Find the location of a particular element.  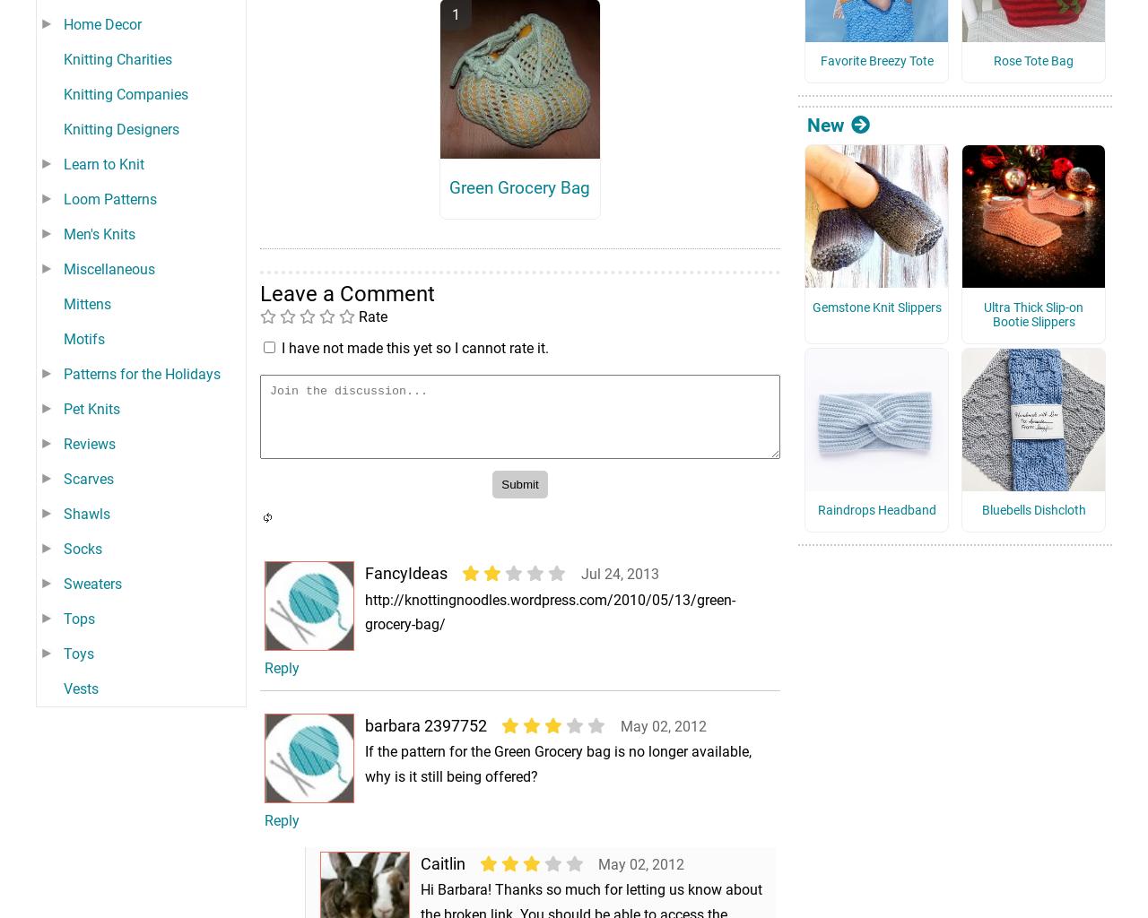

'Caitlin' is located at coordinates (442, 888).